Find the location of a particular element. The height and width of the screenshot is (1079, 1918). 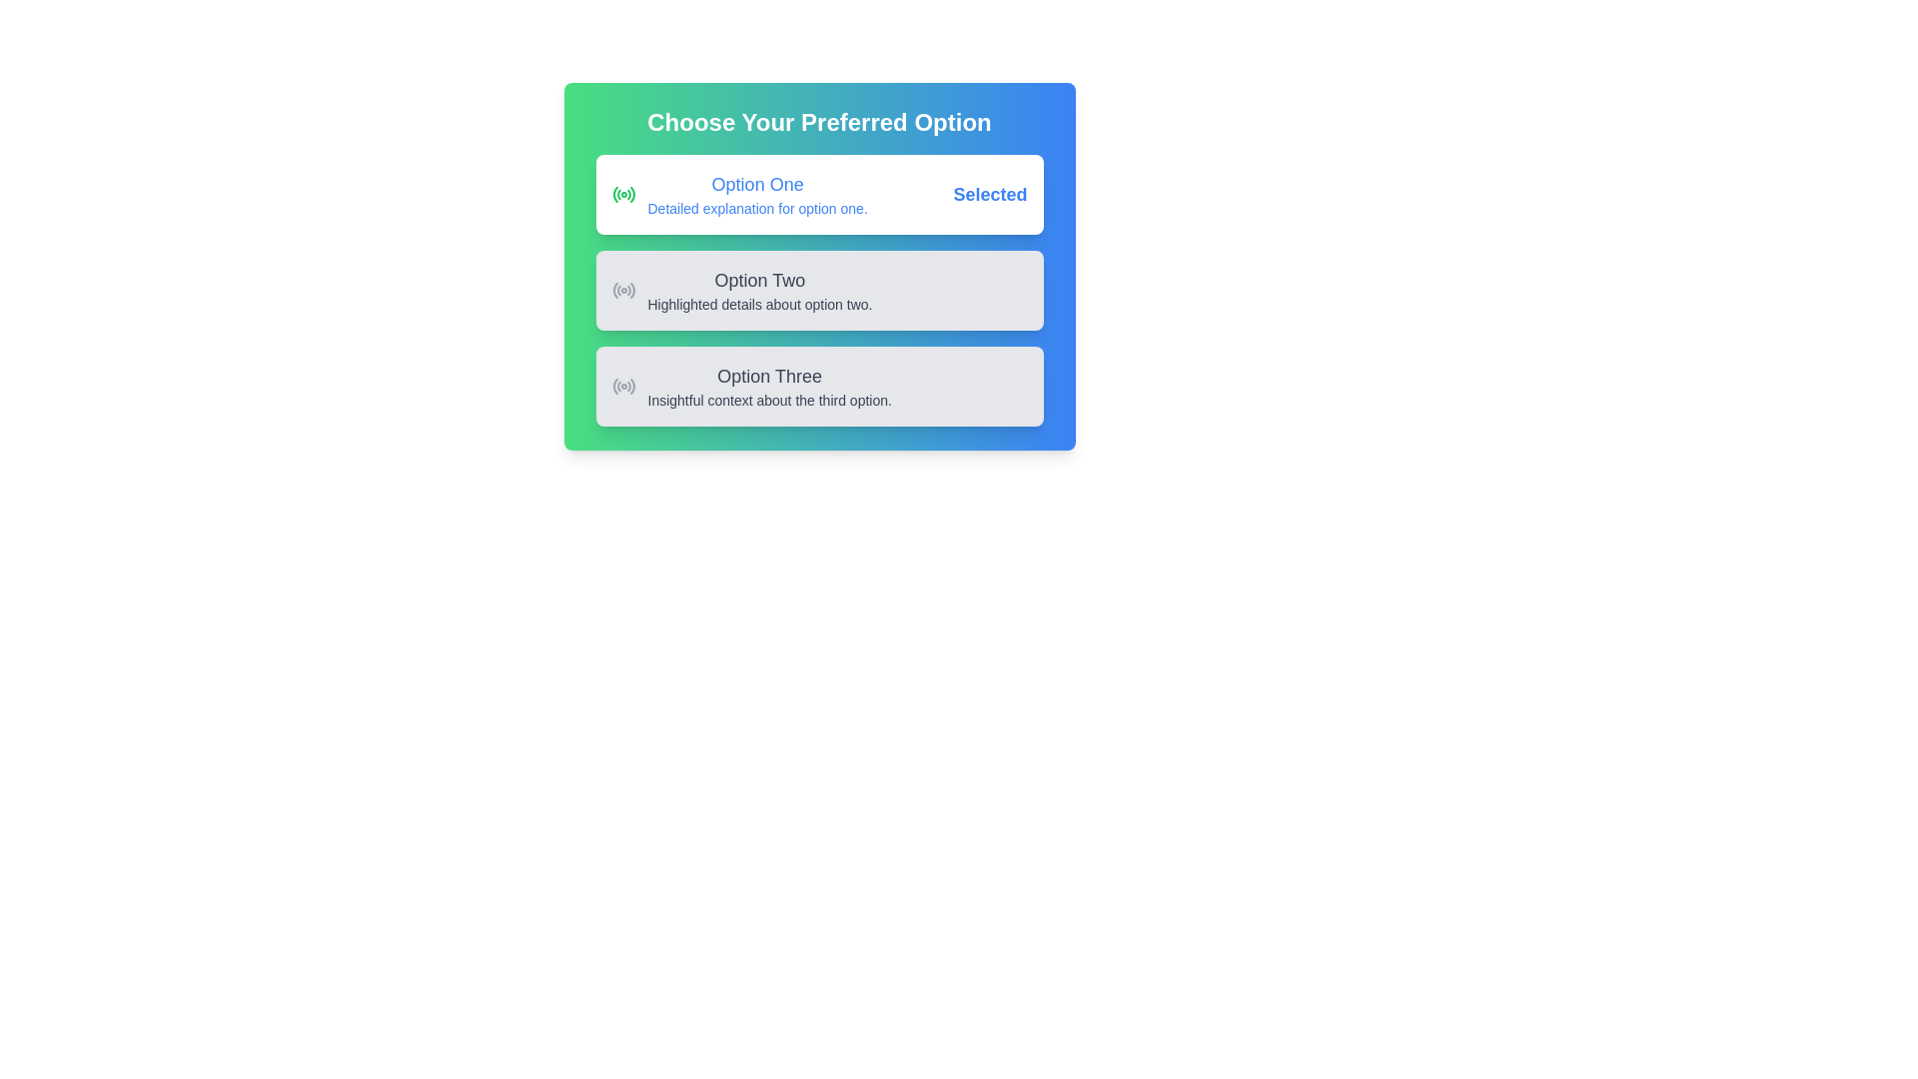

the outermost arc line of the icon associated with 'Option Two', which is styled in gray and located on the far right side of the icon is located at coordinates (631, 290).